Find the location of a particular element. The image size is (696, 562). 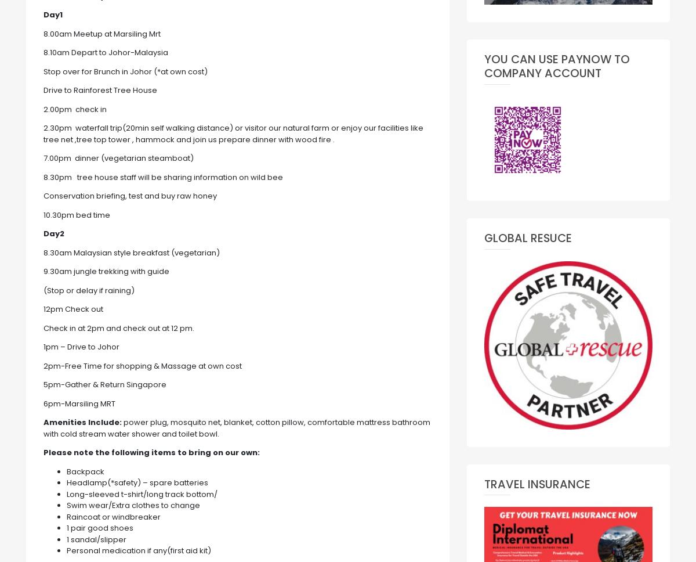

'Stop over for Brunch in Johor (*at own cost)' is located at coordinates (125, 70).